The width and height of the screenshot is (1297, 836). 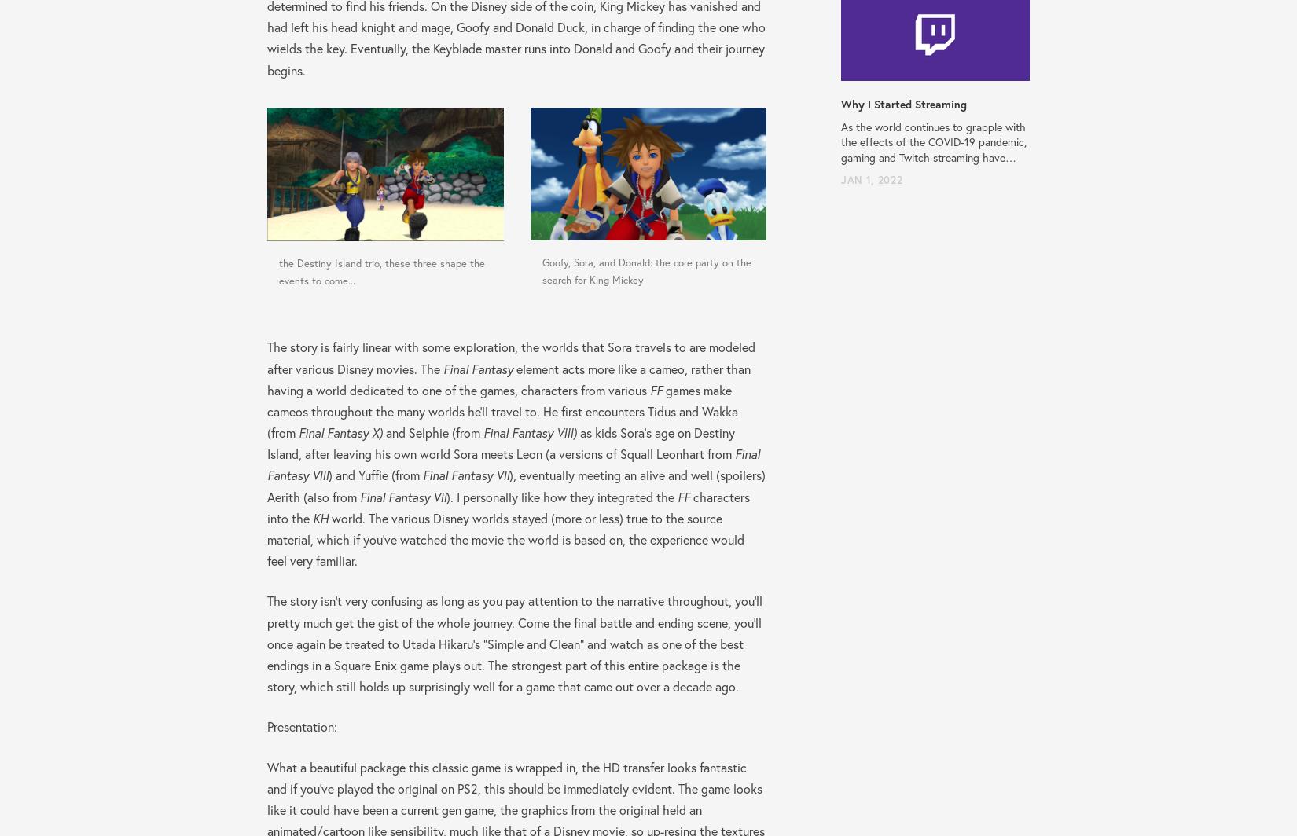 I want to click on 'Presentation:', so click(x=302, y=726).